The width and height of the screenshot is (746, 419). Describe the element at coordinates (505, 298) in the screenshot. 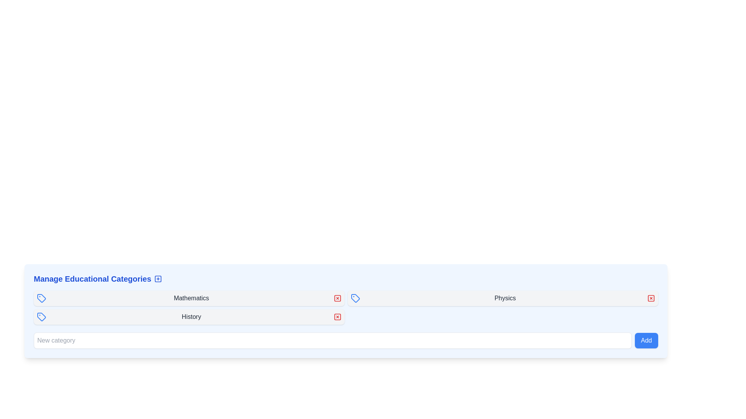

I see `text label displaying the category name 'Physics', located centrally in a horizontal layout, flanked by an icon on the left and a close button on the right` at that location.